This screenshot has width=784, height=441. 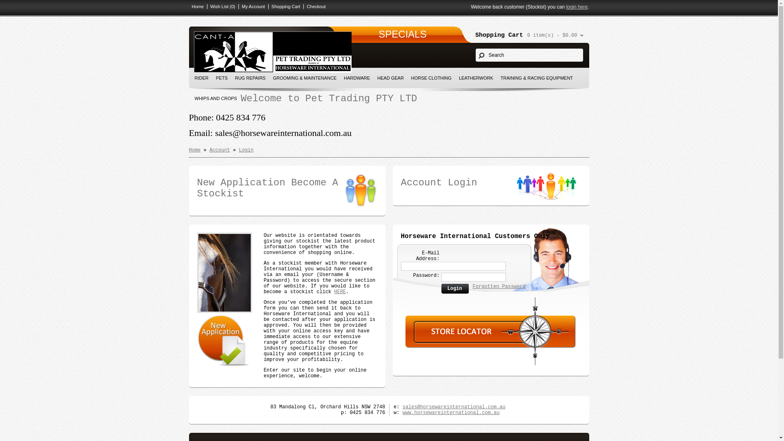 What do you see at coordinates (537, 78) in the screenshot?
I see `'TRAINING & RACING EQUIPMENT'` at bounding box center [537, 78].